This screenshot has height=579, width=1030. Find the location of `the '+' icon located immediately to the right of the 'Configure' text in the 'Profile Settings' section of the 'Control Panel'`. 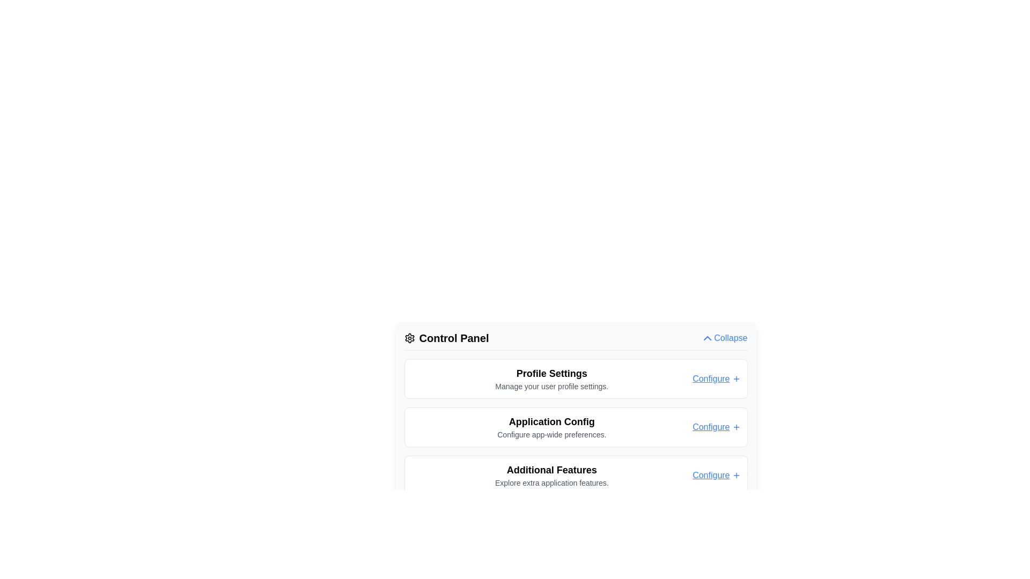

the '+' icon located immediately to the right of the 'Configure' text in the 'Profile Settings' section of the 'Control Panel' is located at coordinates (735, 378).